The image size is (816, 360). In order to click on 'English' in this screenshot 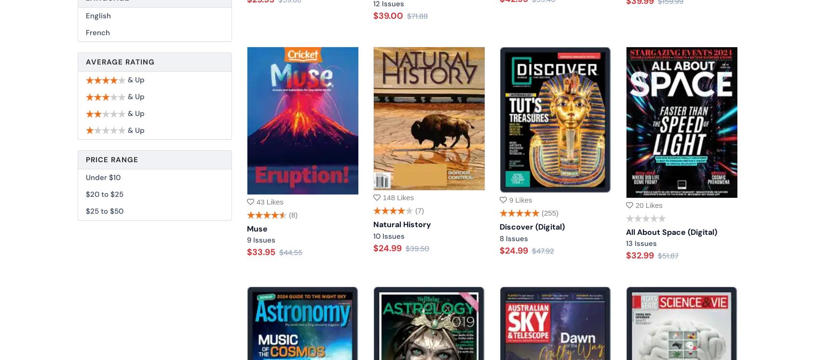, I will do `click(98, 15)`.